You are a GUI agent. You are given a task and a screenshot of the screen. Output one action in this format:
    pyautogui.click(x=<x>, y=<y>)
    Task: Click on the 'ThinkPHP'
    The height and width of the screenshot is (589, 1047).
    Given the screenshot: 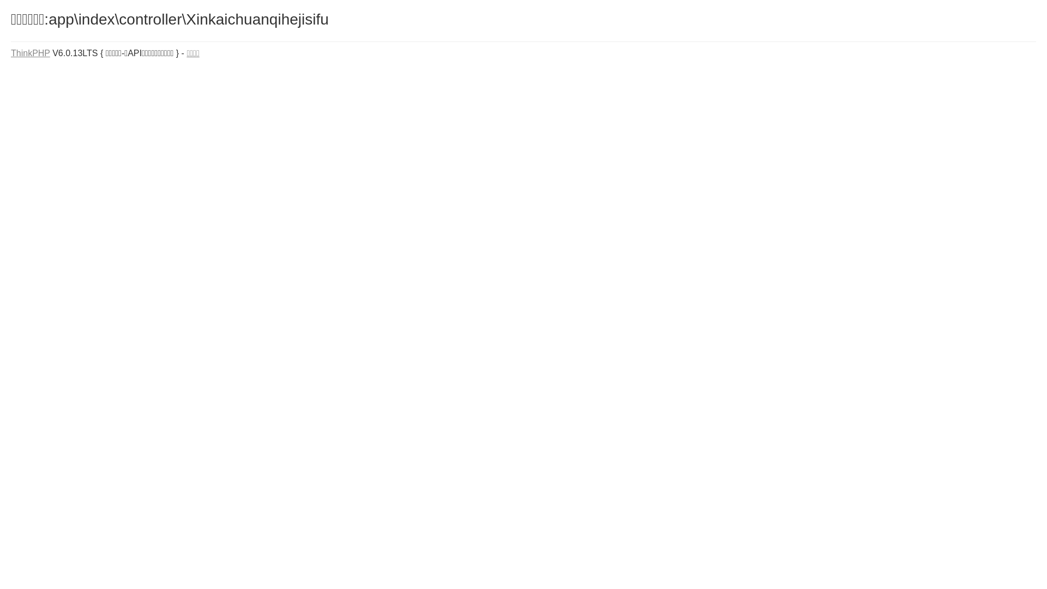 What is the action you would take?
    pyautogui.click(x=31, y=53)
    